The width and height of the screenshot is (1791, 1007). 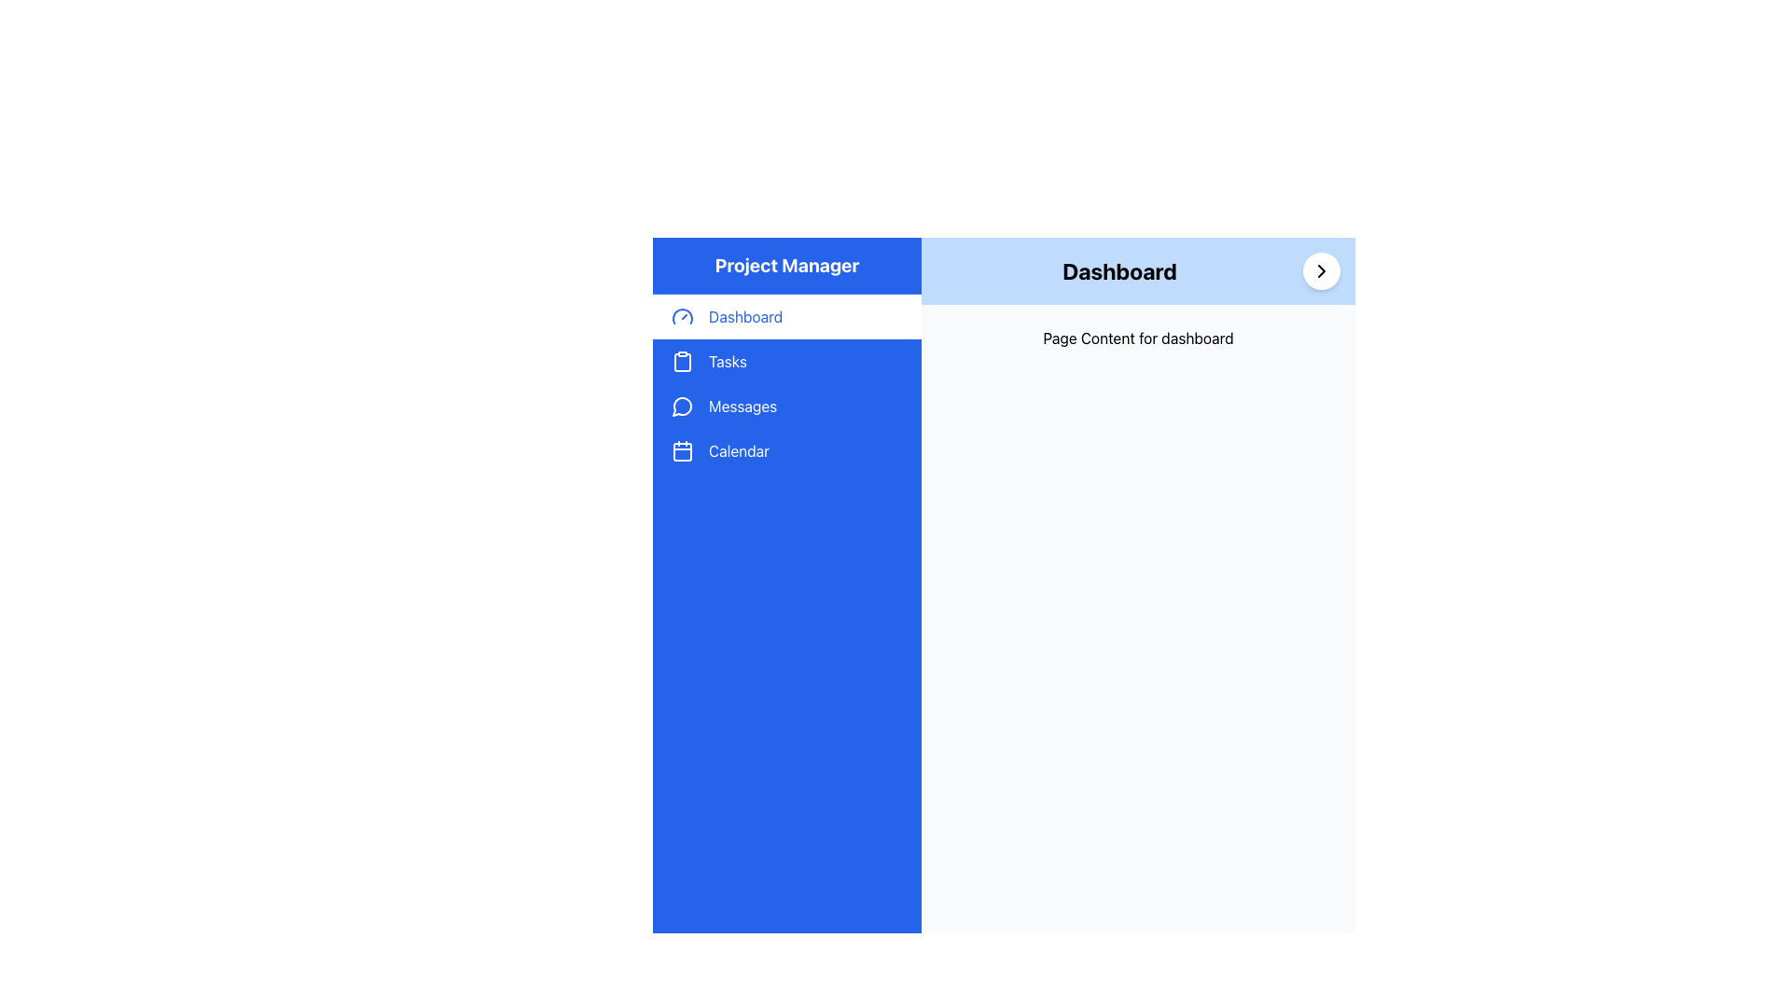 I want to click on the 'Tasks' navigation label and button located in the sidebar, which is positioned under the 'Dashboard' and above the 'Messages' menu items, so click(x=727, y=362).